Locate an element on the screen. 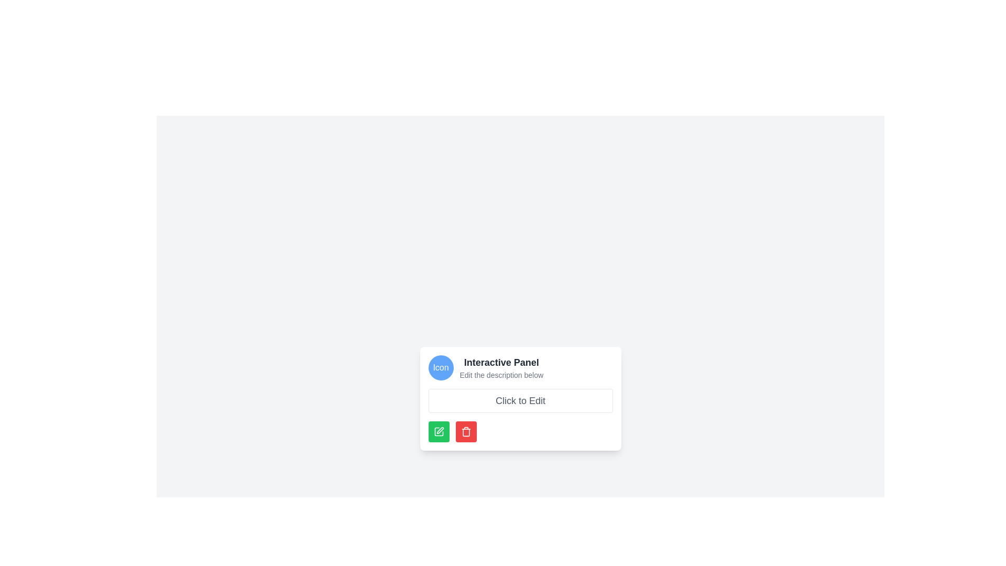 This screenshot has width=1006, height=566. the 'Interactive Panel' text element group, which includes the title 'Interactive Panel' and subtitle 'Edit the description below' is located at coordinates (501, 367).